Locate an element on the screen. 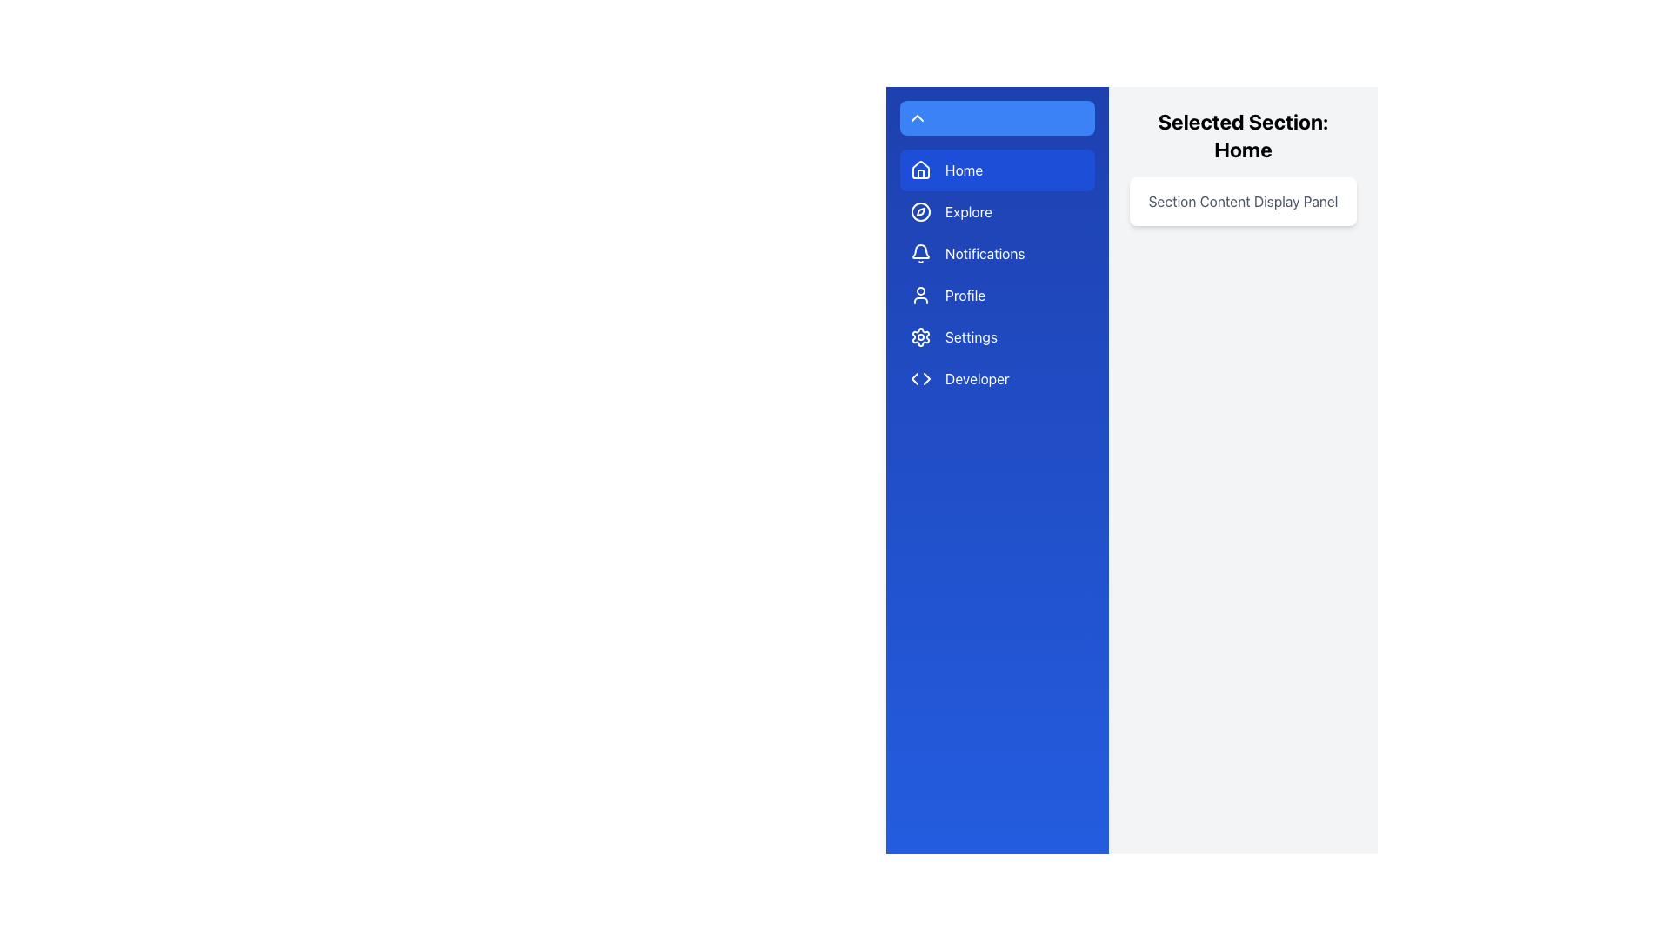 This screenshot has height=939, width=1670. the SVG circle element that represents the decorative compass icon for the 'Explore' menu item, located in the second position on the left-hand menu bar is located at coordinates (920, 210).